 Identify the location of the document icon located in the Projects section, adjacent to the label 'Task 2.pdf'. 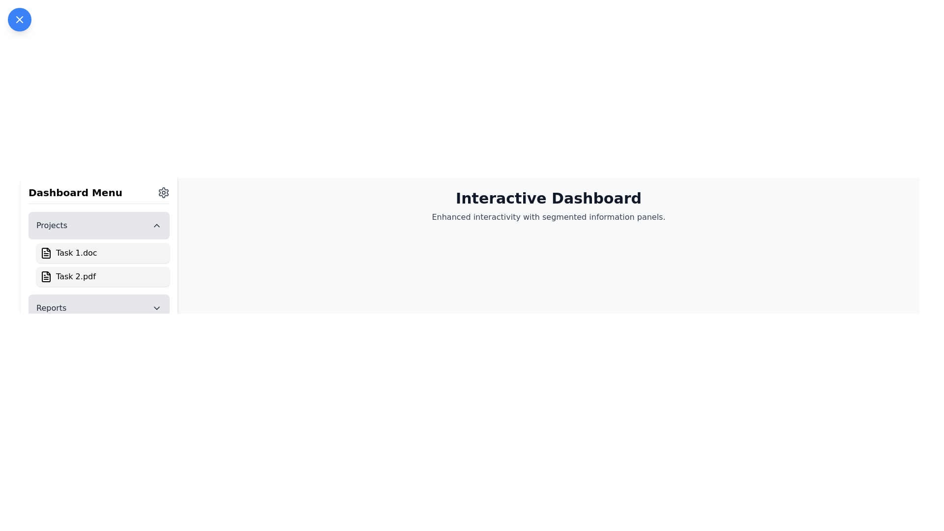
(46, 277).